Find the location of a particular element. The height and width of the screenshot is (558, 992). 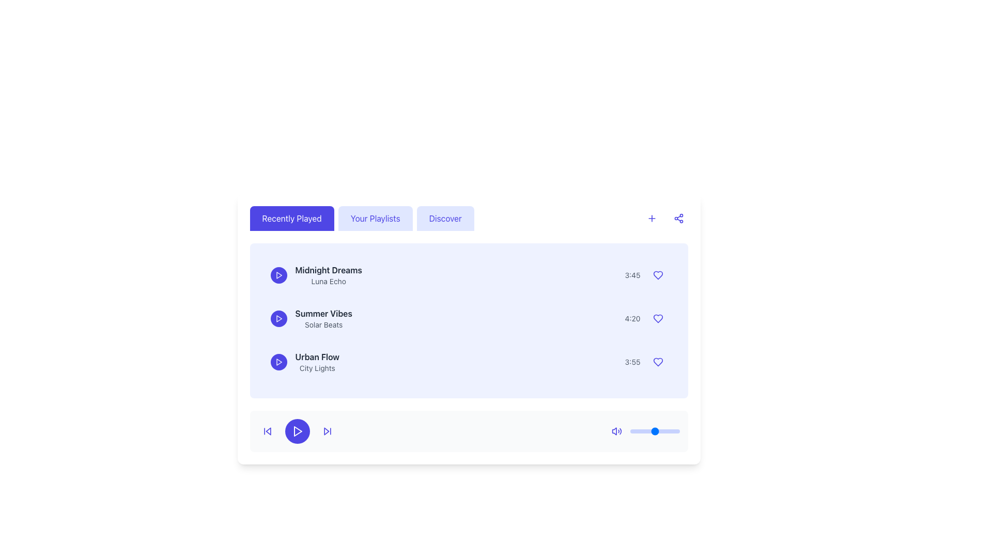

the Text Label displaying 'Summer Vibes' is located at coordinates (323, 313).